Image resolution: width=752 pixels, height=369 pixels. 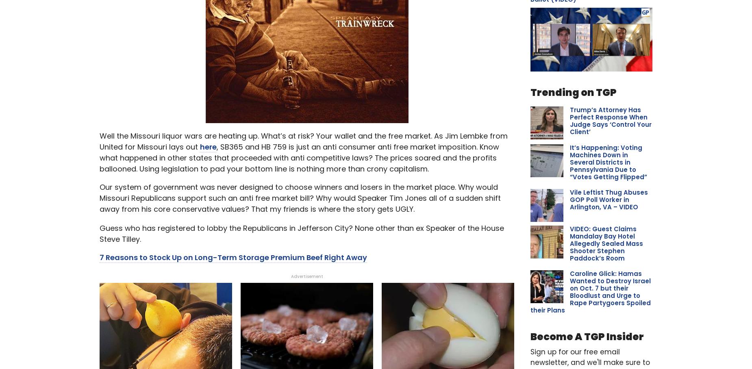 I want to click on 'TGP Stats', so click(x=591, y=131).